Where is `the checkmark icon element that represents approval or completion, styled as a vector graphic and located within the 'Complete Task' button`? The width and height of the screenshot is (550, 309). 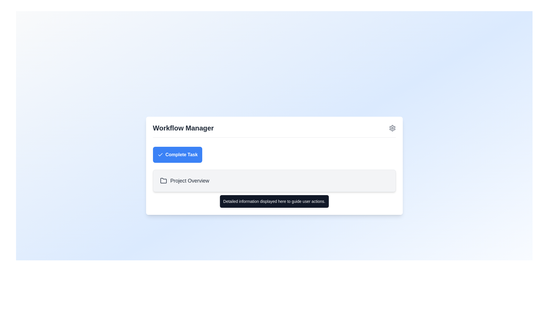
the checkmark icon element that represents approval or completion, styled as a vector graphic and located within the 'Complete Task' button is located at coordinates (160, 154).